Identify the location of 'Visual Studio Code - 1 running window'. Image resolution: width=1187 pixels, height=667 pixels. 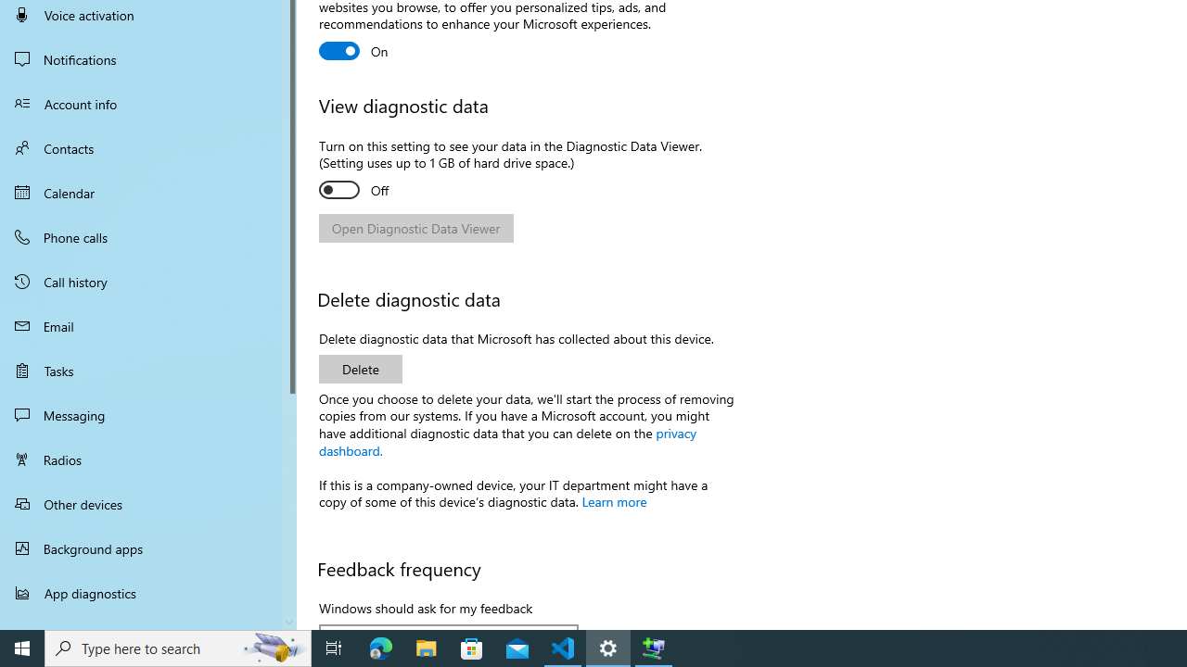
(562, 647).